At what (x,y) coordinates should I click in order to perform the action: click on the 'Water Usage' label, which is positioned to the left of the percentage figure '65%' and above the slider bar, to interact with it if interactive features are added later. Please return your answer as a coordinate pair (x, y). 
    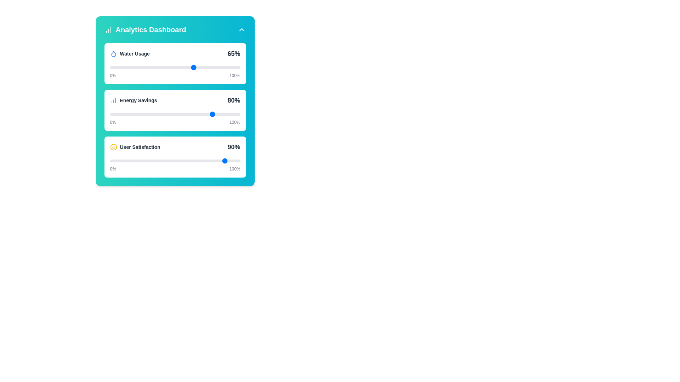
    Looking at the image, I should click on (130, 53).